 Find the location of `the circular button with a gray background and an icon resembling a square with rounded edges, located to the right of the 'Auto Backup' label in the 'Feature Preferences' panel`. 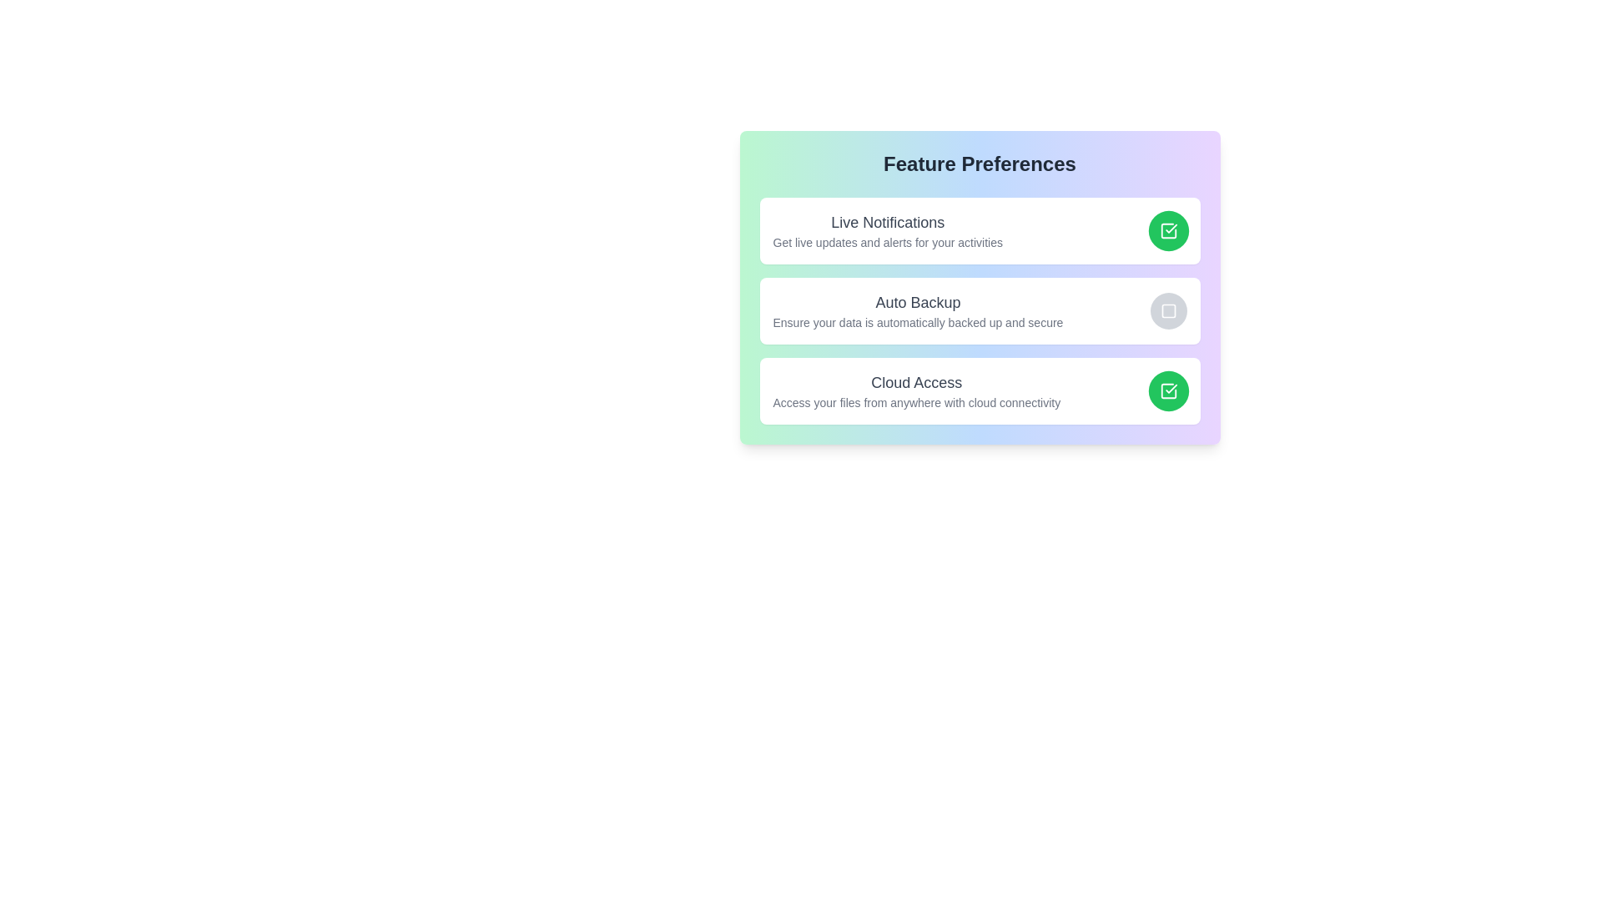

the circular button with a gray background and an icon resembling a square with rounded edges, located to the right of the 'Auto Backup' label in the 'Feature Preferences' panel is located at coordinates (1167, 311).